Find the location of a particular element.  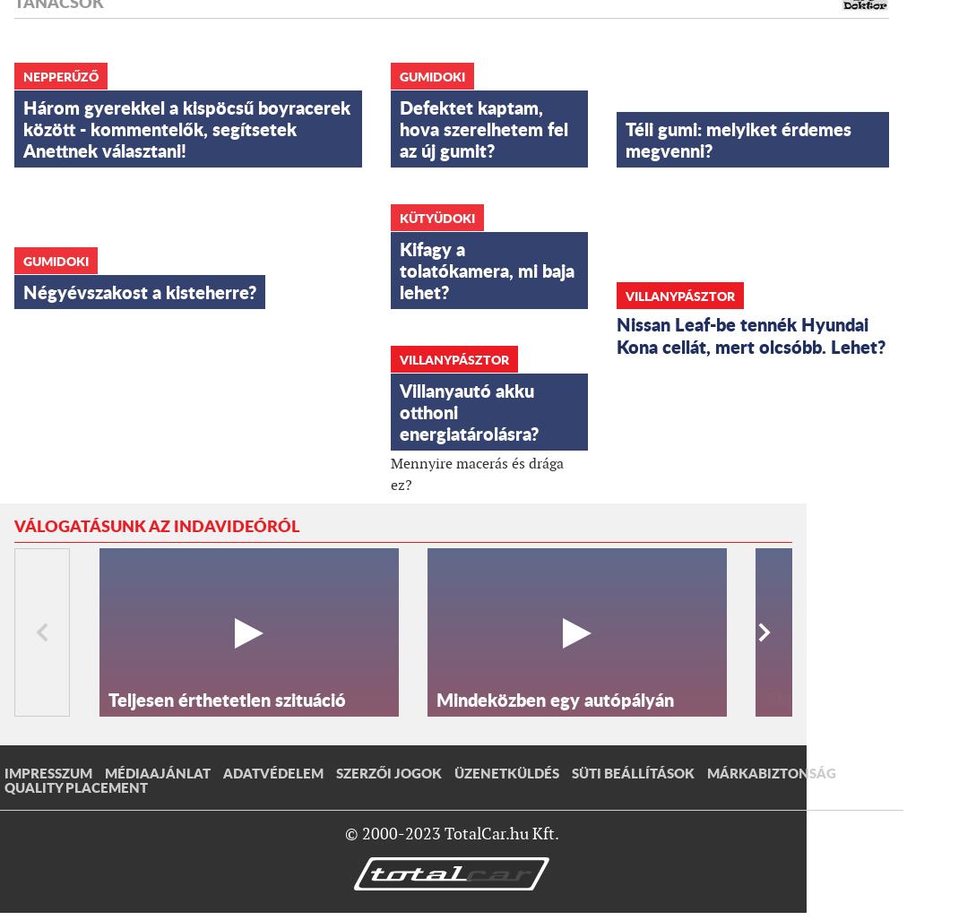

'Téli gumi: melyiket érdemes megvenni?' is located at coordinates (738, 138).